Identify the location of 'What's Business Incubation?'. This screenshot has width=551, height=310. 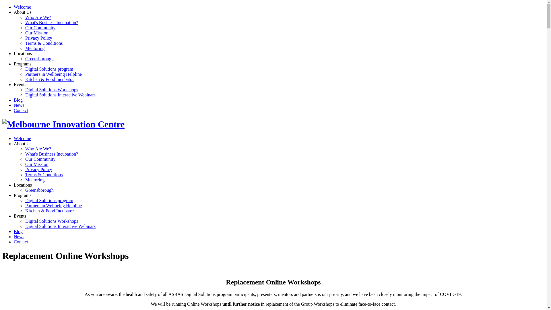
(52, 22).